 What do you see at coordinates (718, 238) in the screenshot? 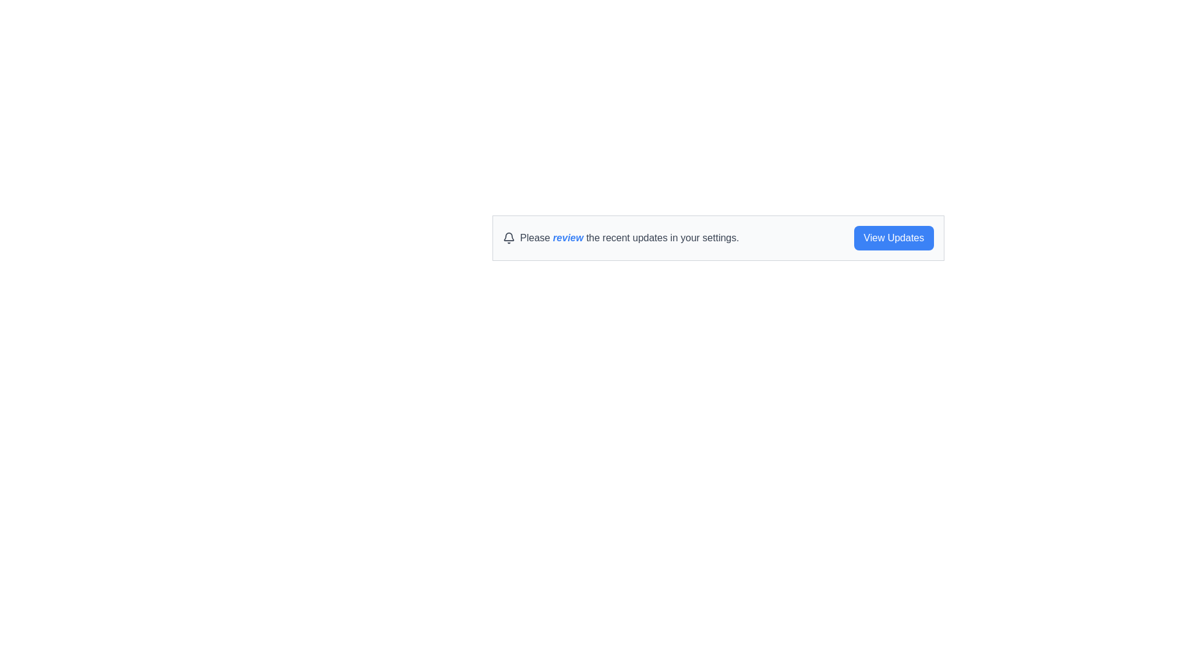
I see `the informational notification that contains the message 'Please review the recent updates in your settings.' and a blue button labeled 'View Updates'` at bounding box center [718, 238].